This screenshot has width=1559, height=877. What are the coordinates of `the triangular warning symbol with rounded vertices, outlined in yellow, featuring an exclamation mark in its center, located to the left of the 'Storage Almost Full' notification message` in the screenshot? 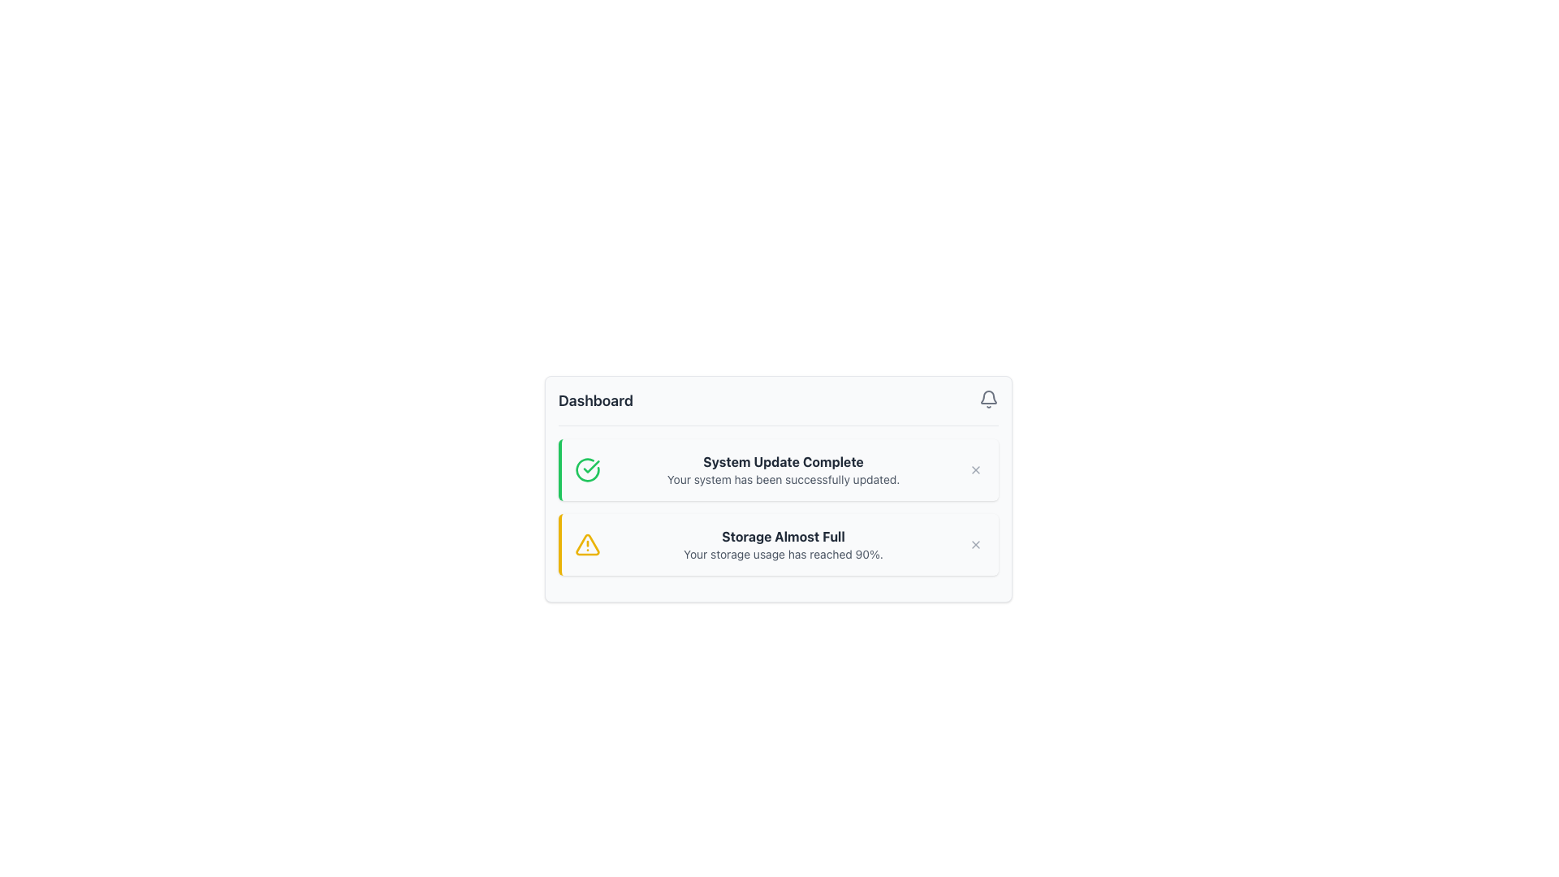 It's located at (587, 545).